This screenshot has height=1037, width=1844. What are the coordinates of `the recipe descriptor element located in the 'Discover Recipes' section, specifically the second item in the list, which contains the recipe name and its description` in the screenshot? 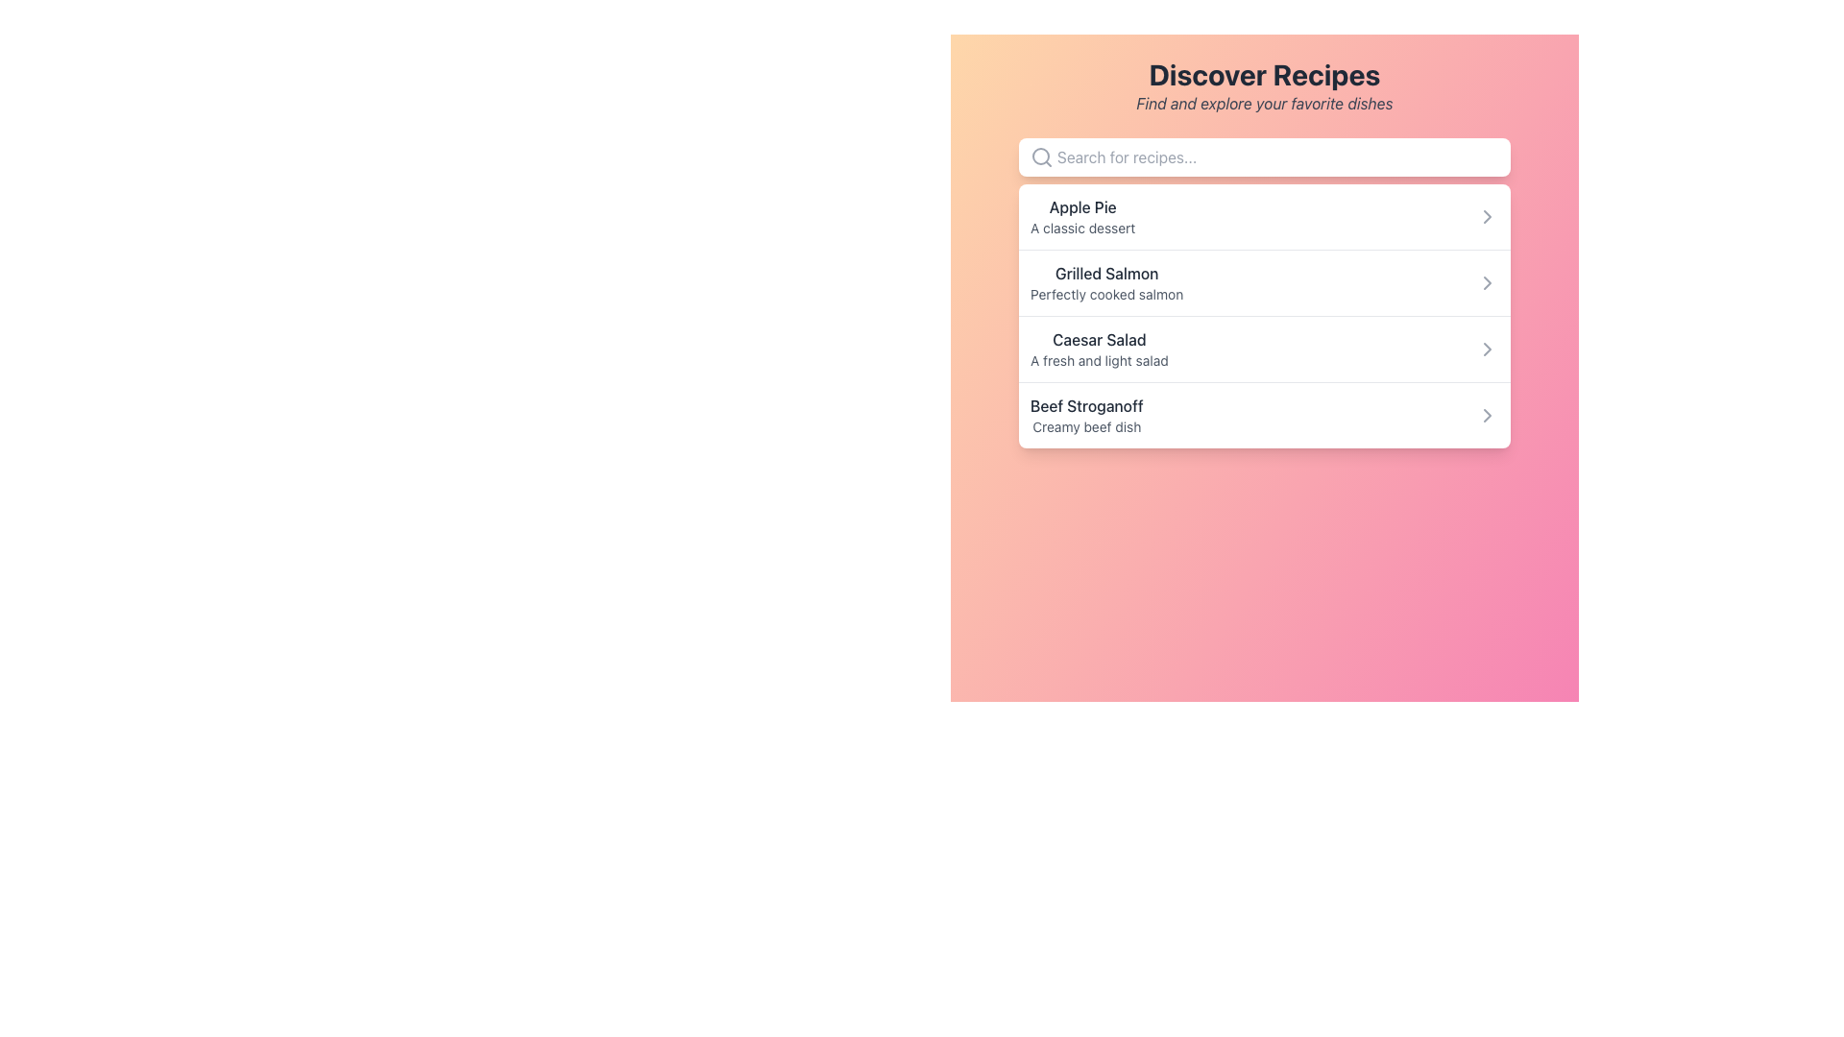 It's located at (1106, 282).